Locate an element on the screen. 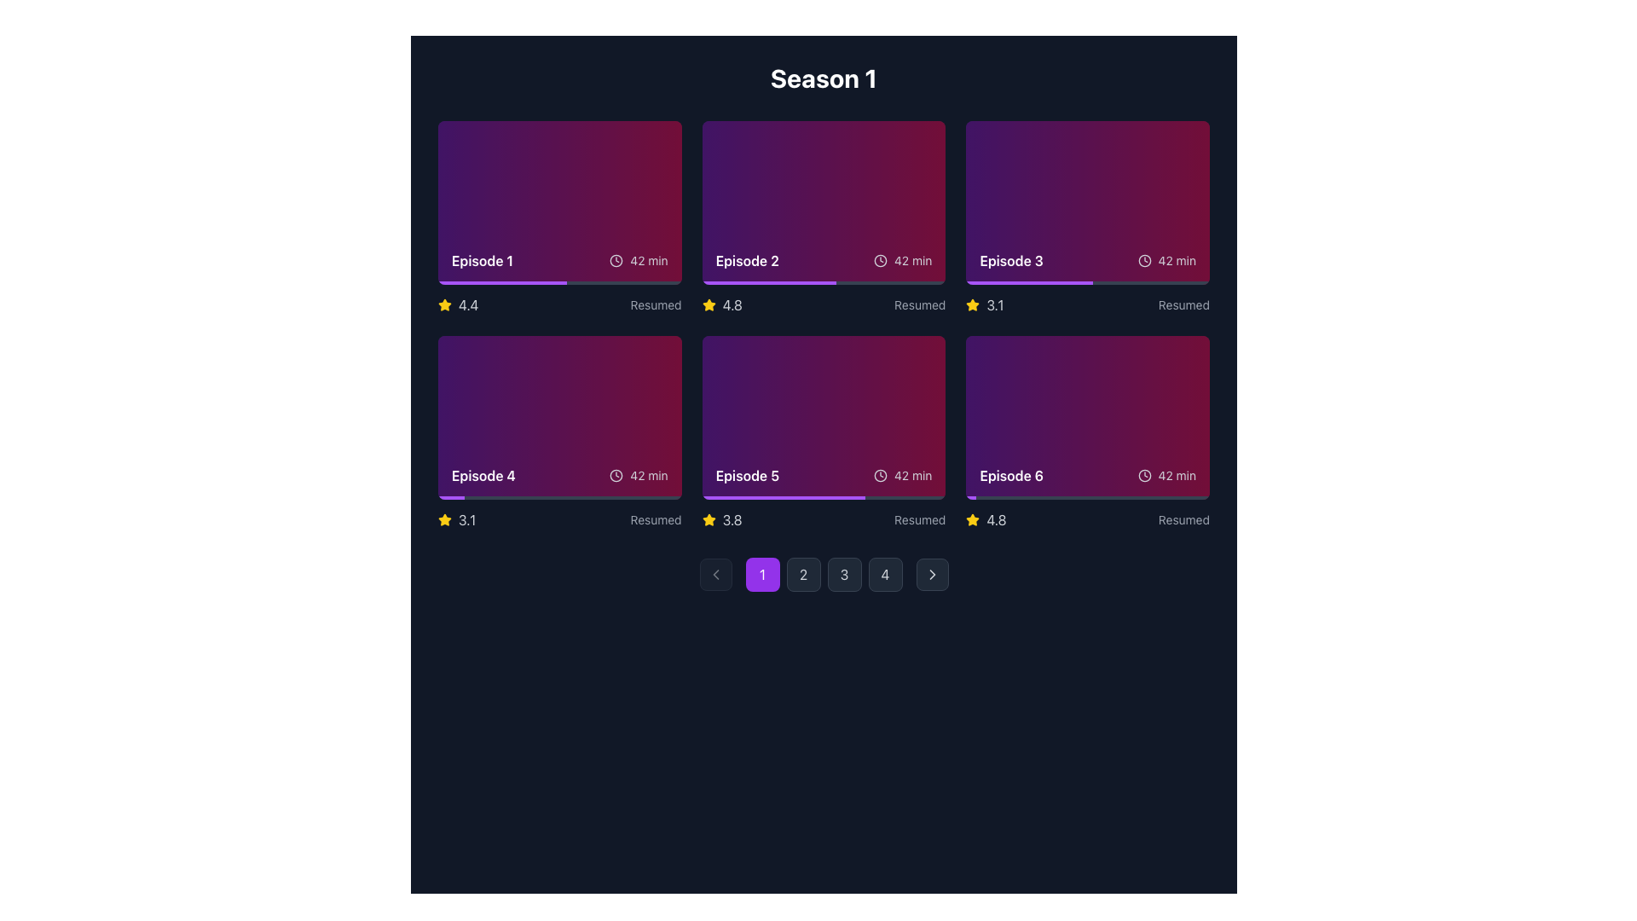 Image resolution: width=1637 pixels, height=921 pixels. the rating element displaying a yellow star icon and the numeric rating '4.8', located in the second episode card's bottom-left area adjacent to the 'Resumed' label is located at coordinates (722, 304).